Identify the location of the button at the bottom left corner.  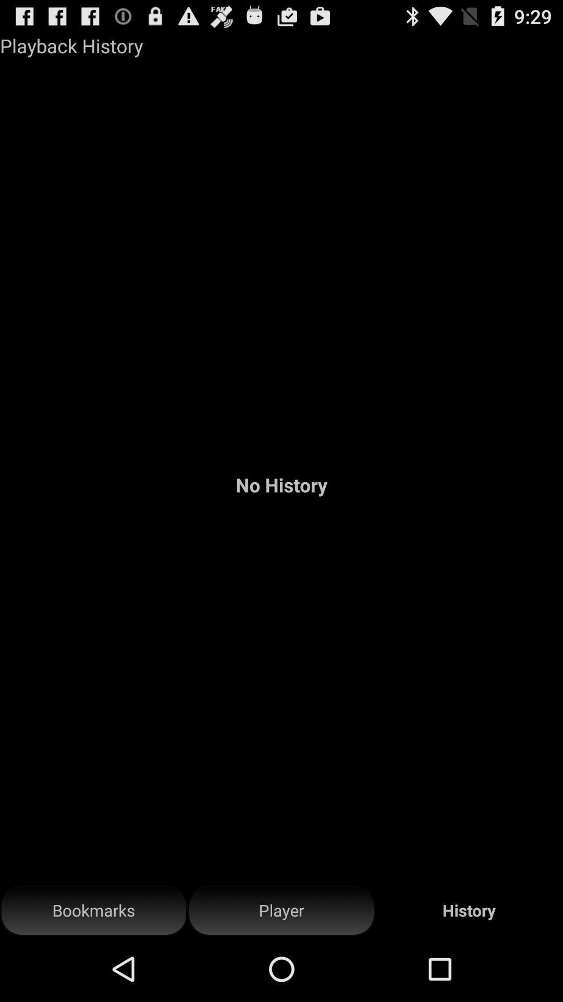
(94, 910).